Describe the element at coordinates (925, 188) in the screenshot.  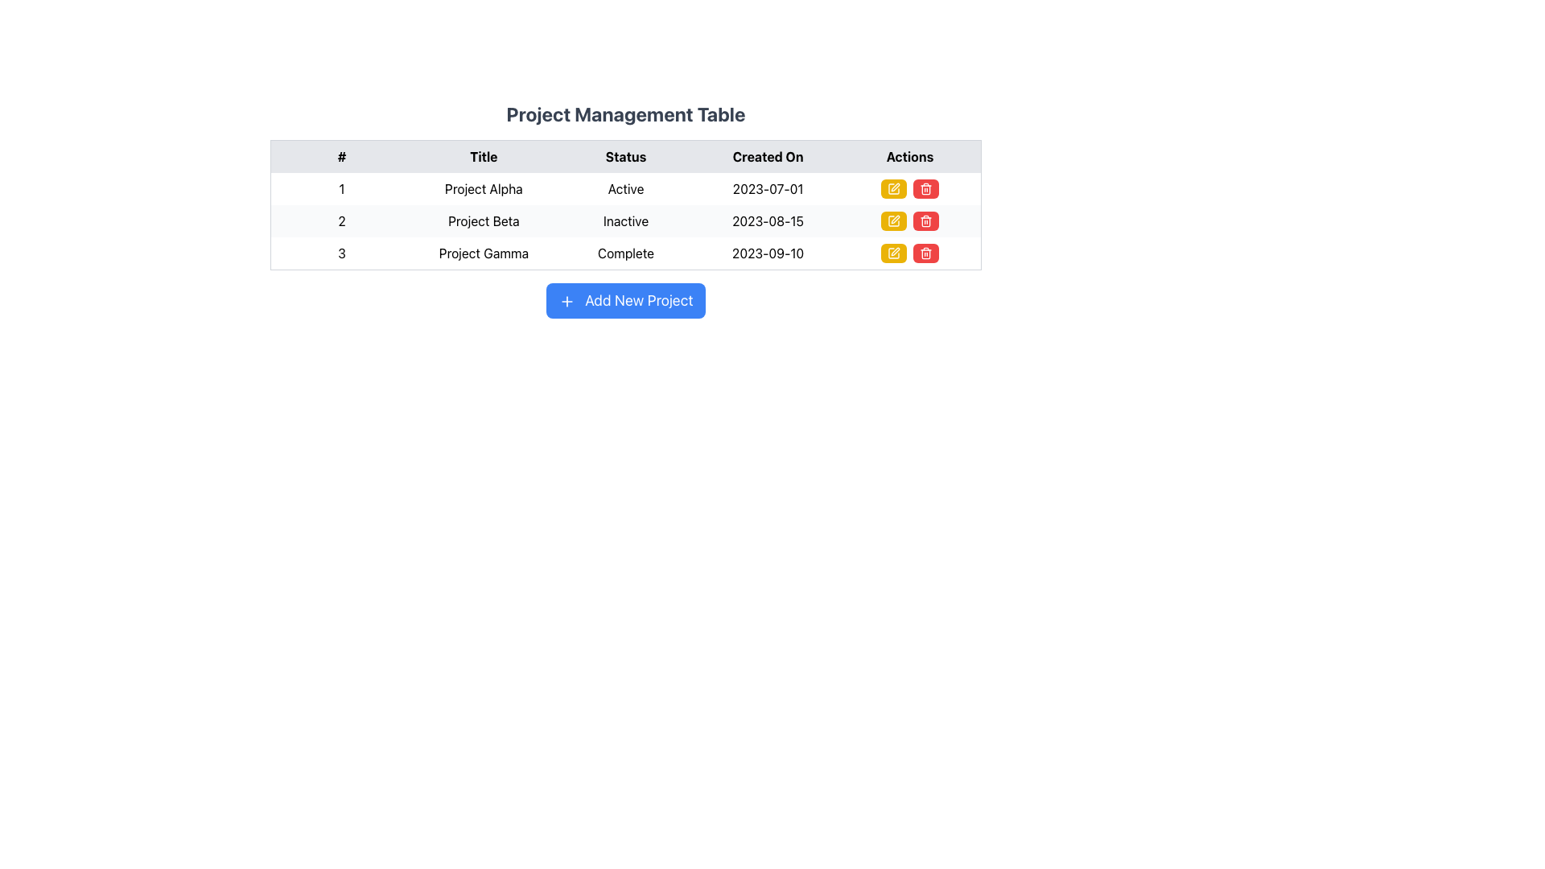
I see `the delete button located in the 'Actions' column of the table for 'Project Gamma'` at that location.